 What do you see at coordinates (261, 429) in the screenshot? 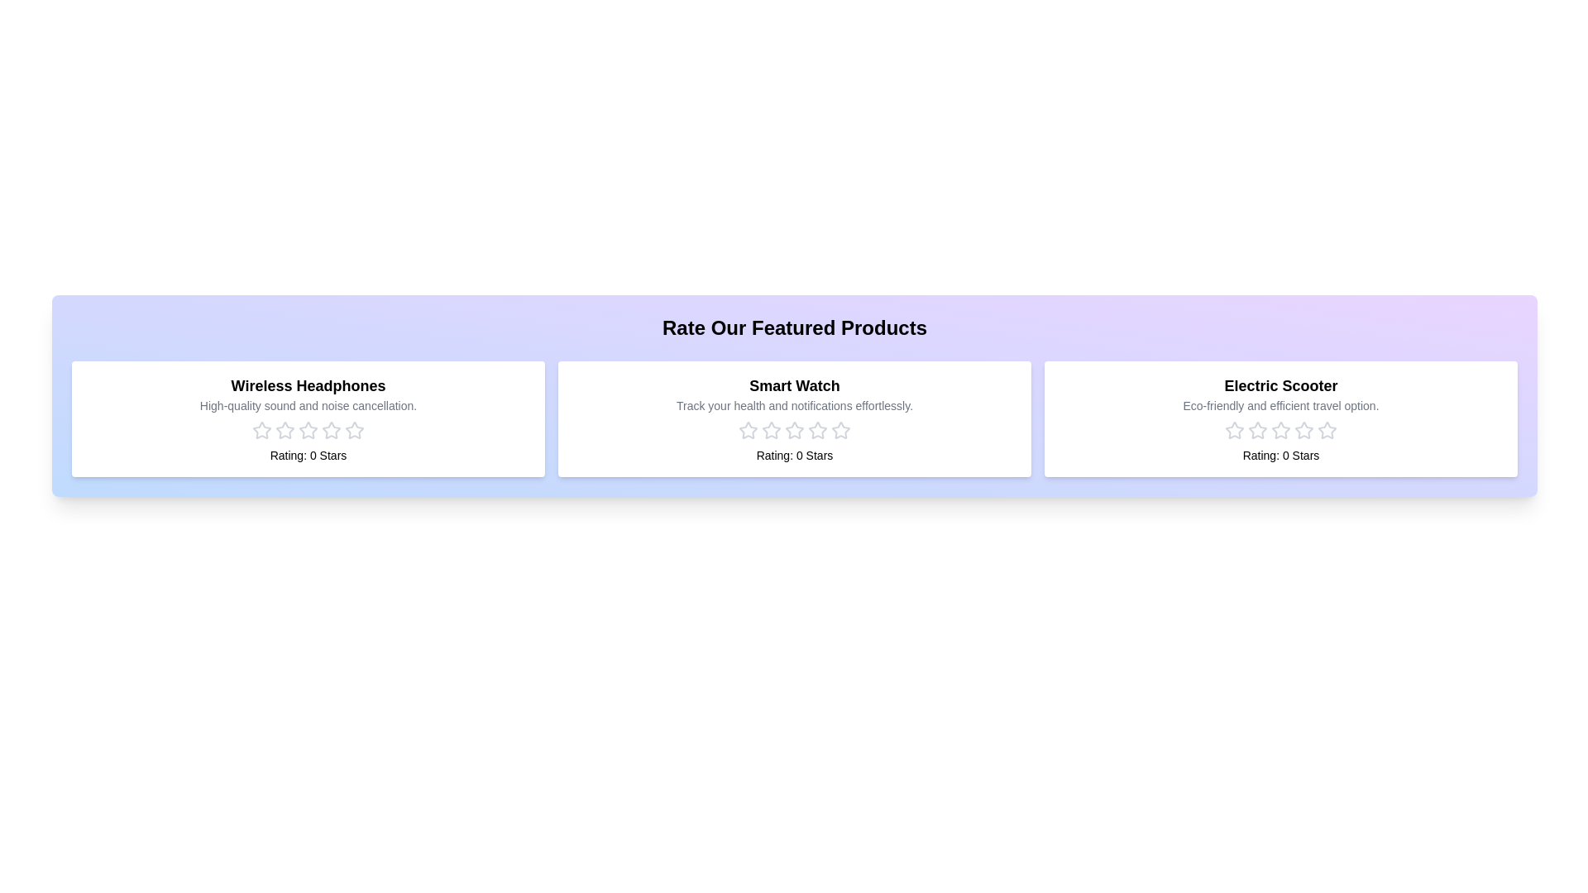
I see `the rating for the product 'Wireless Headphones' to 1 stars by clicking on the corresponding star` at bounding box center [261, 429].